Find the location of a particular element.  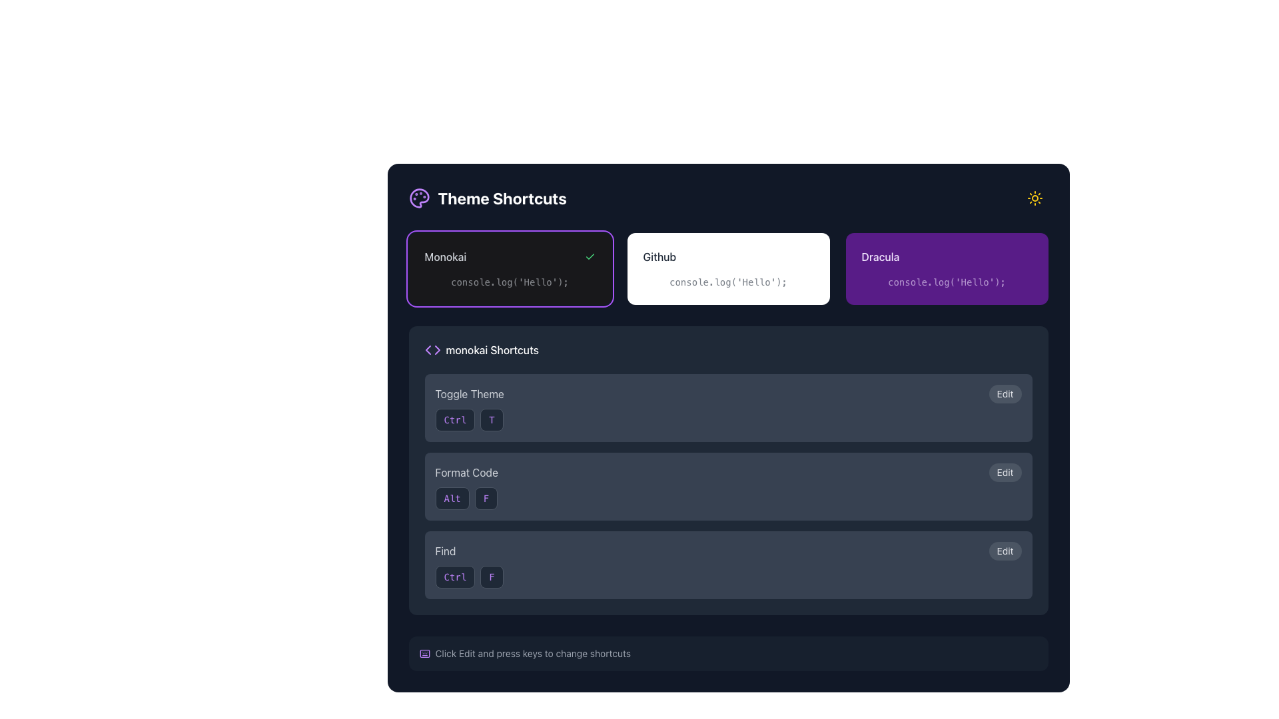

the second button in the 'Toggle Theme' section of the 'monokai Shortcuts' grouping is located at coordinates (491, 420).